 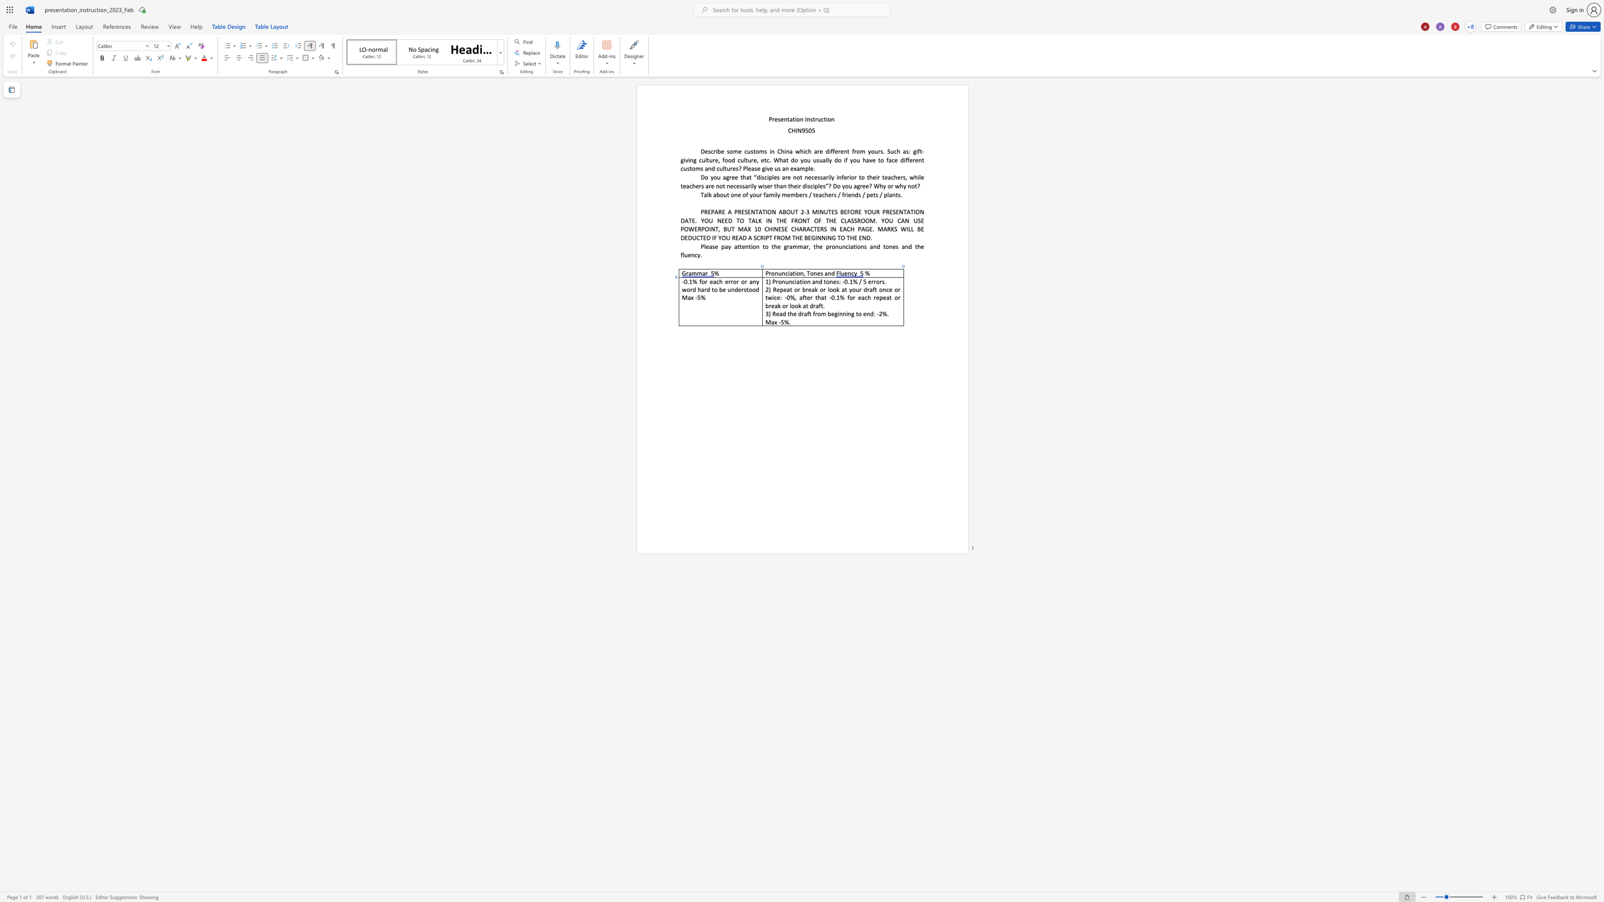 What do you see at coordinates (745, 289) in the screenshot?
I see `the space between the continuous character "s" and "t" in the text` at bounding box center [745, 289].